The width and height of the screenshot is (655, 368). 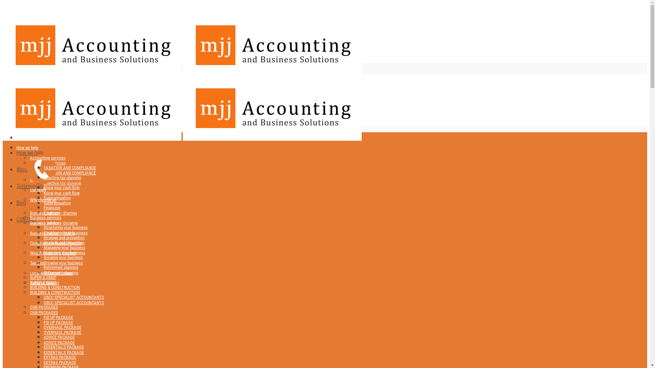 What do you see at coordinates (44, 307) in the screenshot?
I see `'OUR PACKAGES'` at bounding box center [44, 307].